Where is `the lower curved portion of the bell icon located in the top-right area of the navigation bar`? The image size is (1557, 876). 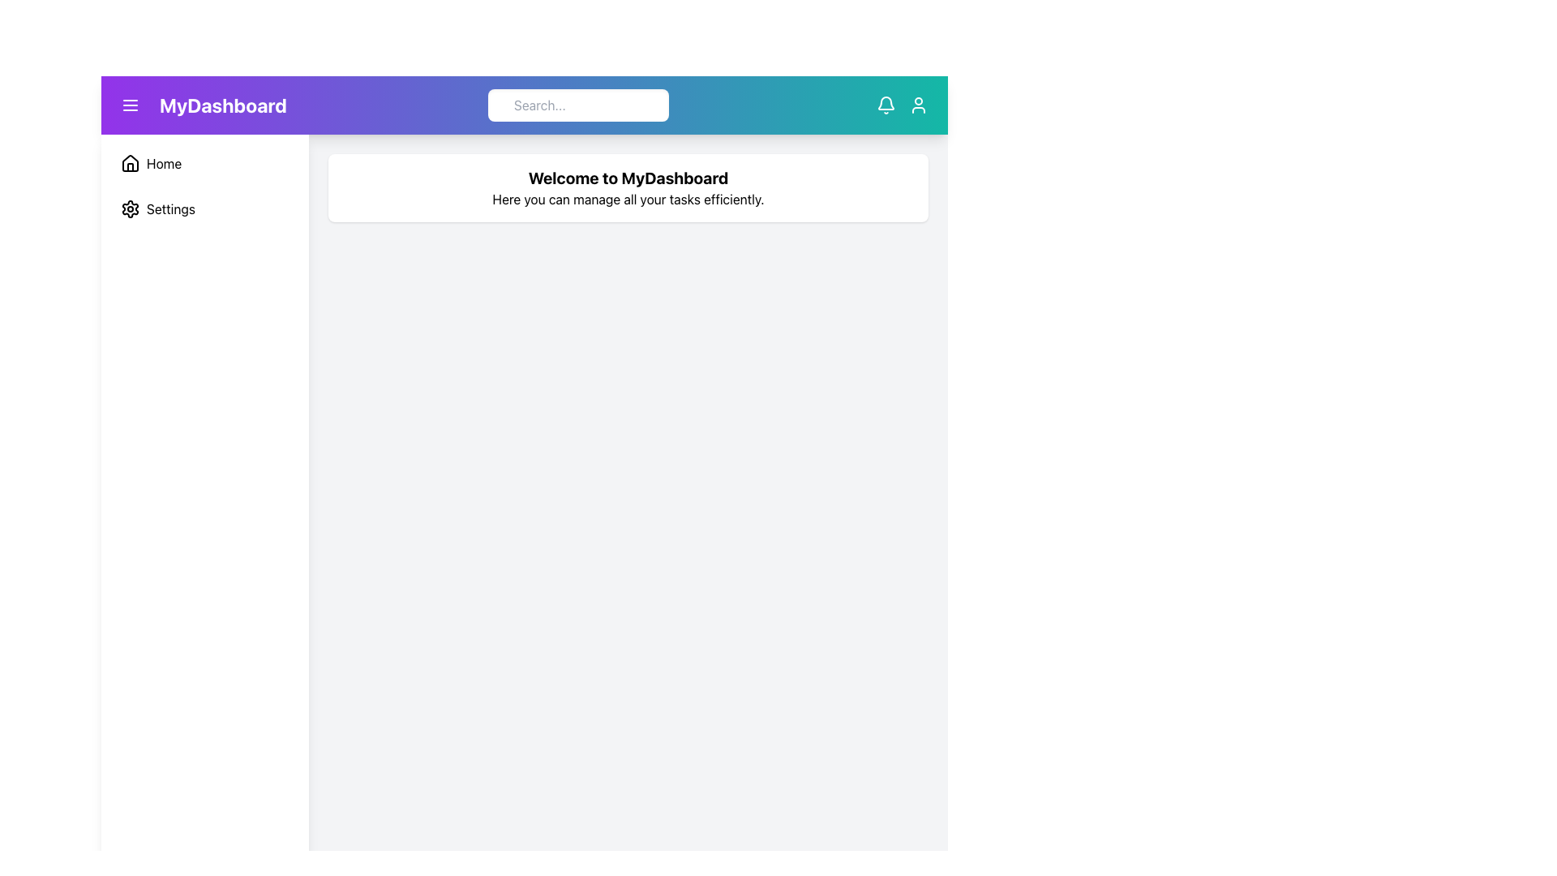 the lower curved portion of the bell icon located in the top-right area of the navigation bar is located at coordinates (886, 103).